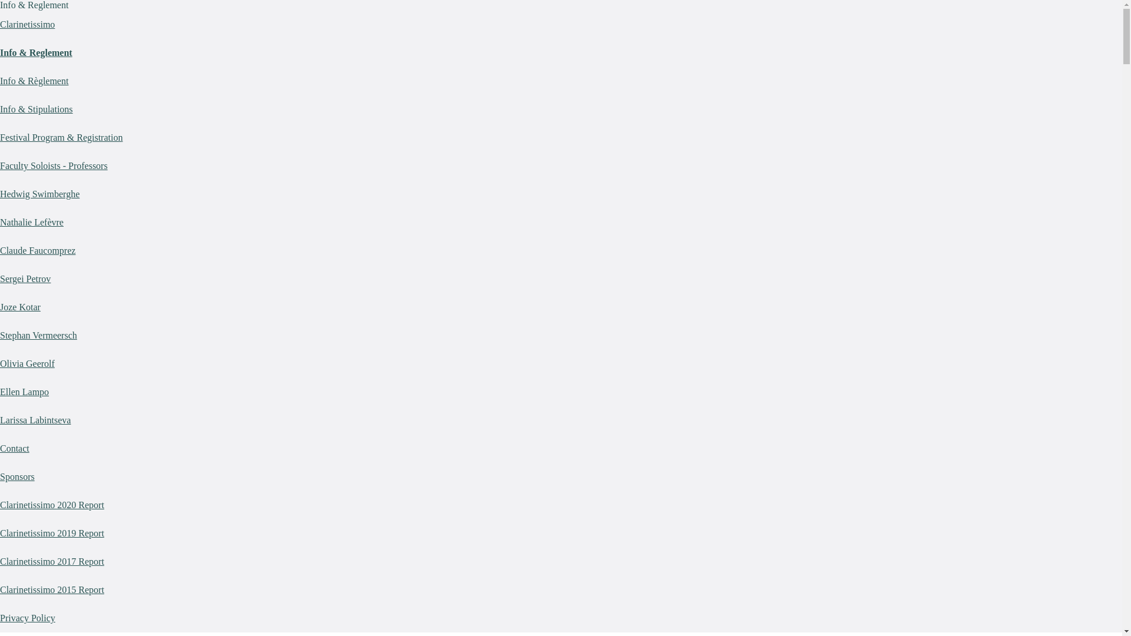 The width and height of the screenshot is (1131, 636). I want to click on 'Contact', so click(14, 448).